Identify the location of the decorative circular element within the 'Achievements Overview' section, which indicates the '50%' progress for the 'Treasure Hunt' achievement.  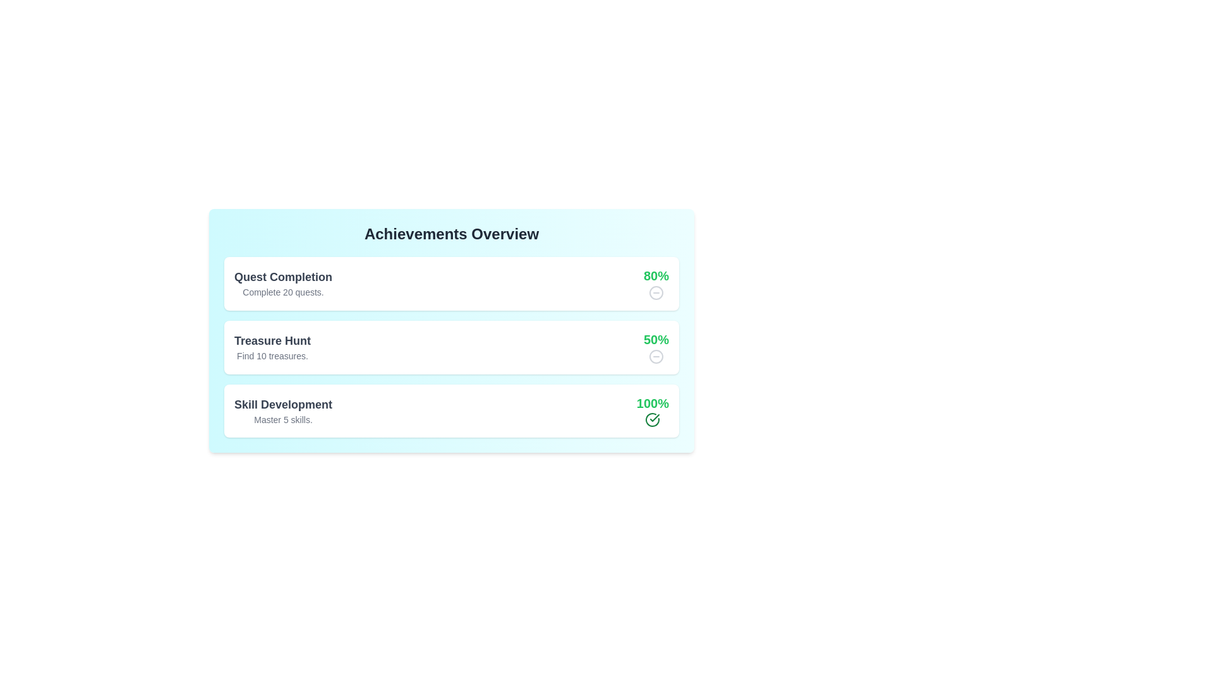
(656, 356).